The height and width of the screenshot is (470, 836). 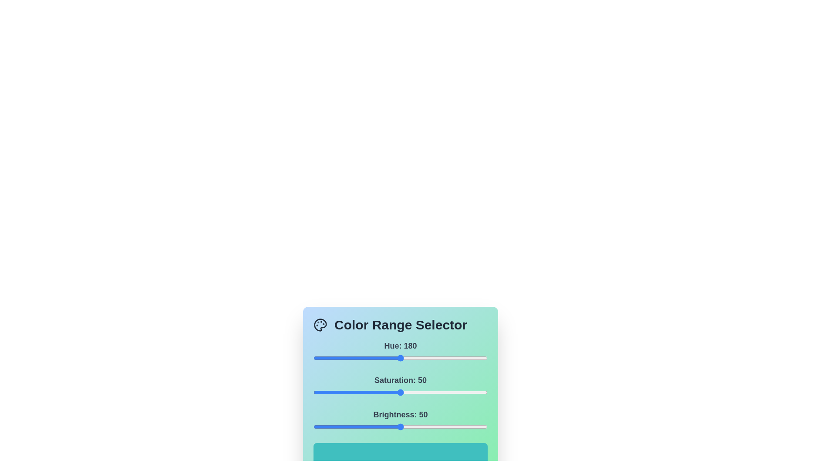 I want to click on the 0 slider to 17, so click(x=321, y=358).